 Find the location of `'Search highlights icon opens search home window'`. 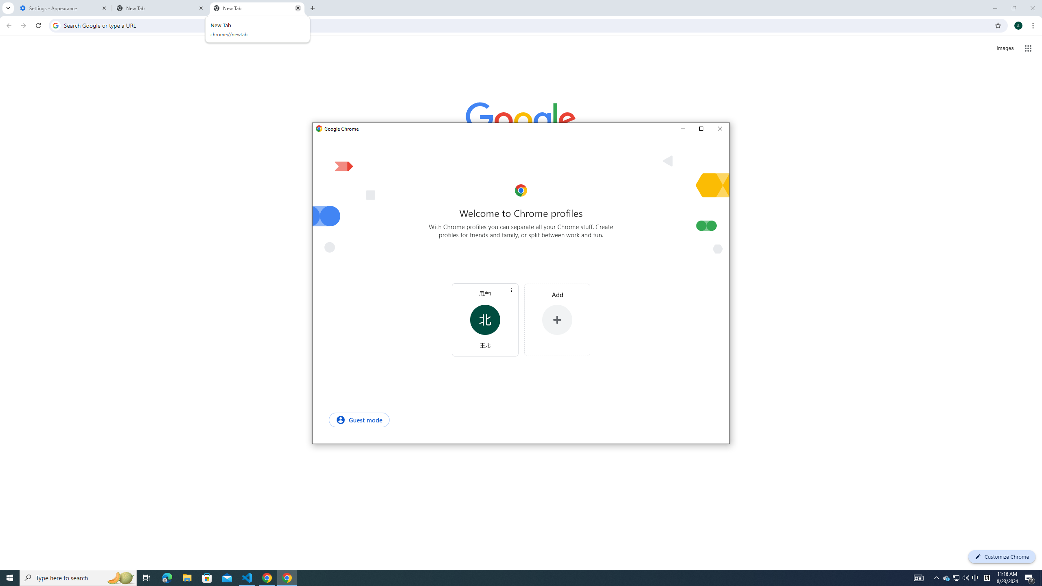

'Search highlights icon opens search home window' is located at coordinates (120, 577).